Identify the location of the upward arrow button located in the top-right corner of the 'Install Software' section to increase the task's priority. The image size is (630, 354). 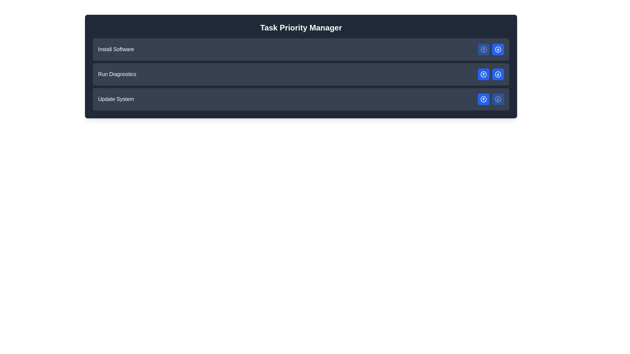
(491, 49).